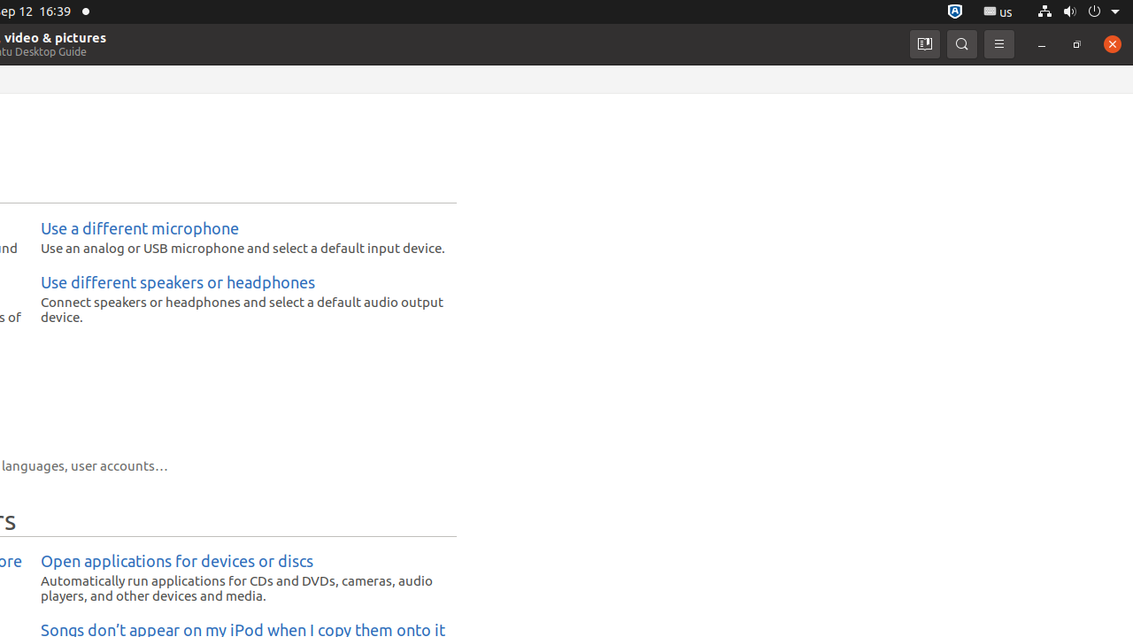 The height and width of the screenshot is (637, 1133). Describe the element at coordinates (1041, 42) in the screenshot. I see `'Minimize'` at that location.